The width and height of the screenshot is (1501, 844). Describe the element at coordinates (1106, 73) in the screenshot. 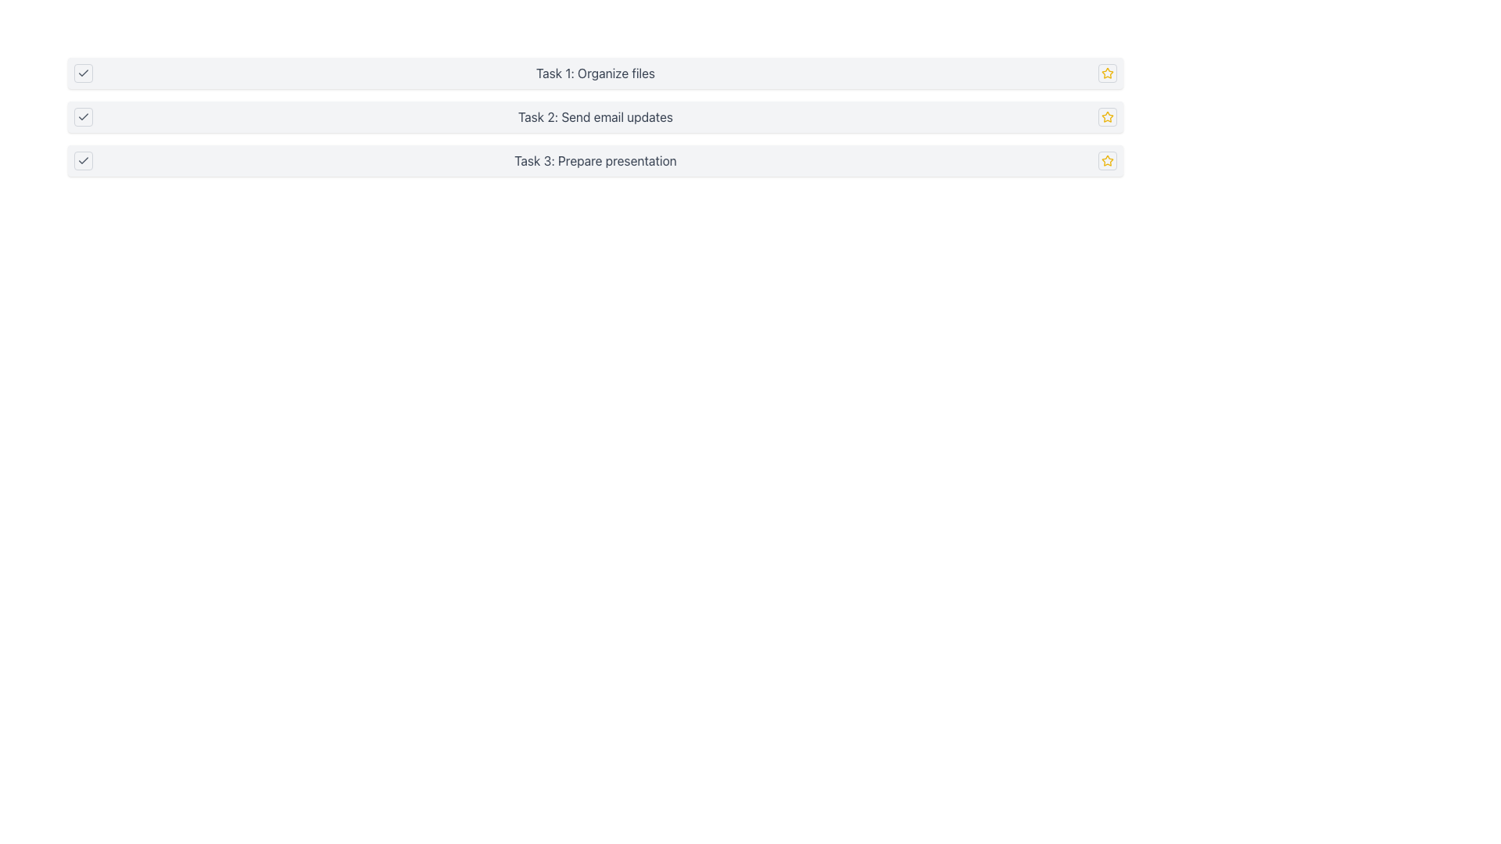

I see `the star icon in the top right corner of the 'Task 1: Organize files' item to mark it as a favorite or assign a rating` at that location.